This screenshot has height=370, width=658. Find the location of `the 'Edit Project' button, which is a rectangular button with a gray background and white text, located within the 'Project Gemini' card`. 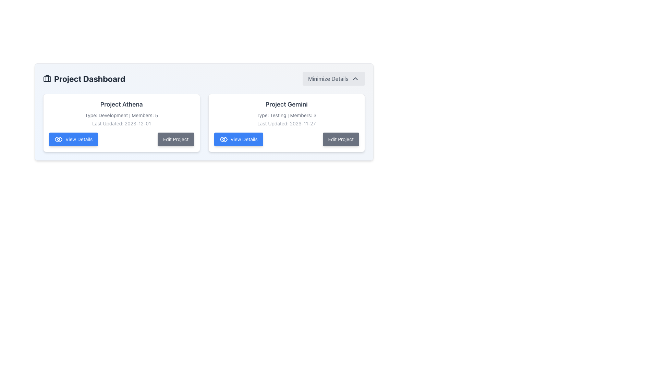

the 'Edit Project' button, which is a rectangular button with a gray background and white text, located within the 'Project Gemini' card is located at coordinates (341, 139).